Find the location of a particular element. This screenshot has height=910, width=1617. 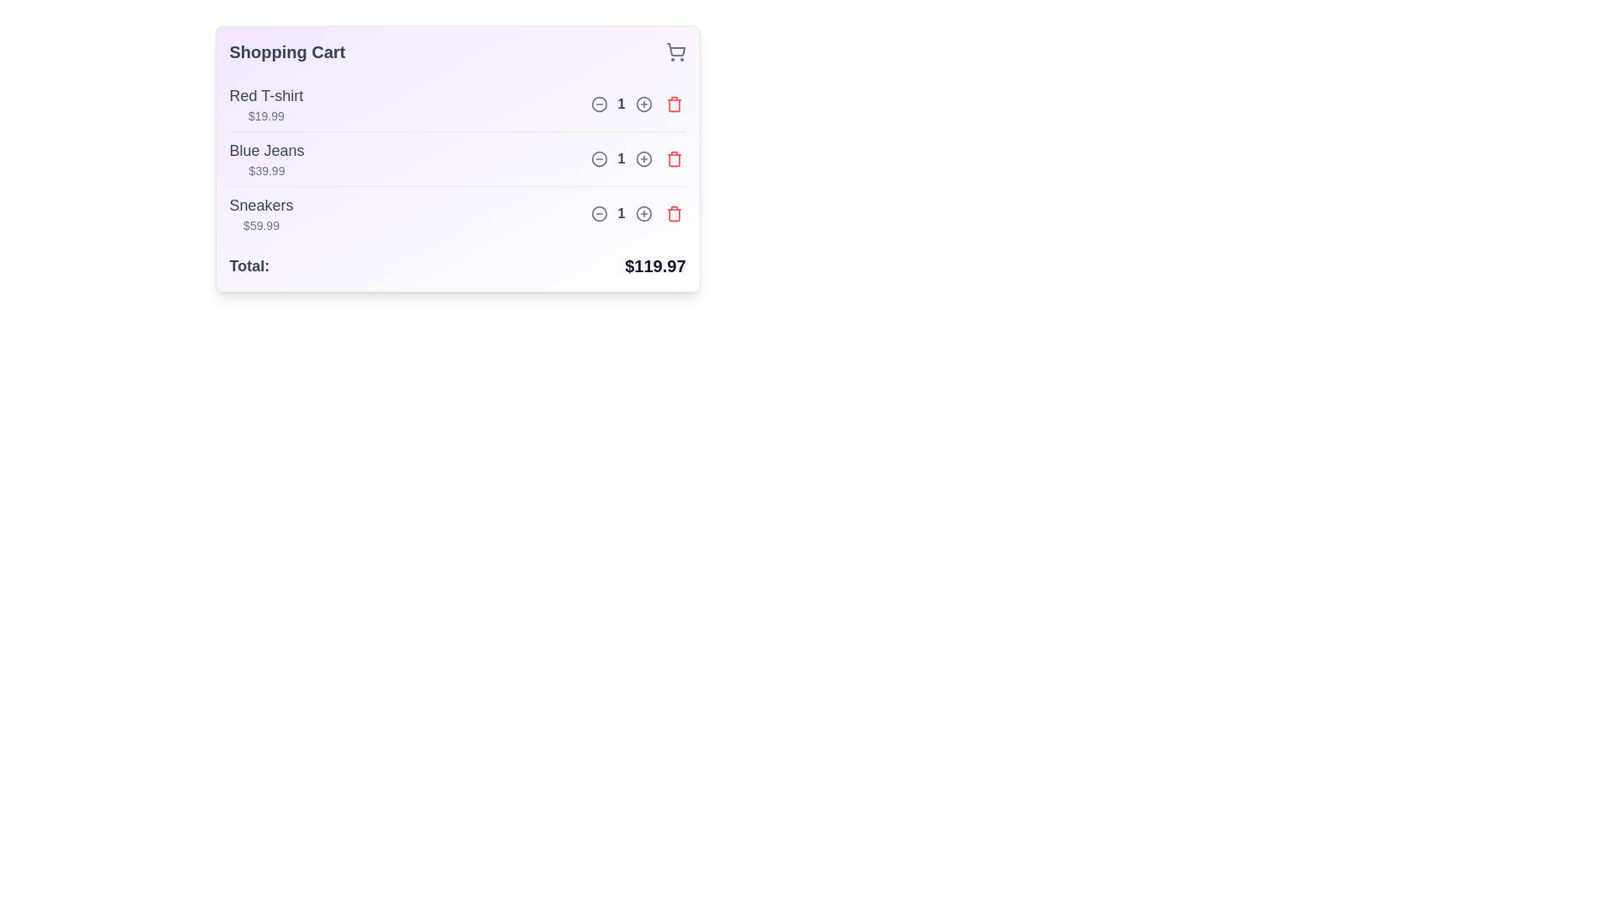

the static text element displaying the current quantity of a product in the shopping cart, which is centrally located between the decrement and increment buttons is located at coordinates (621, 159).